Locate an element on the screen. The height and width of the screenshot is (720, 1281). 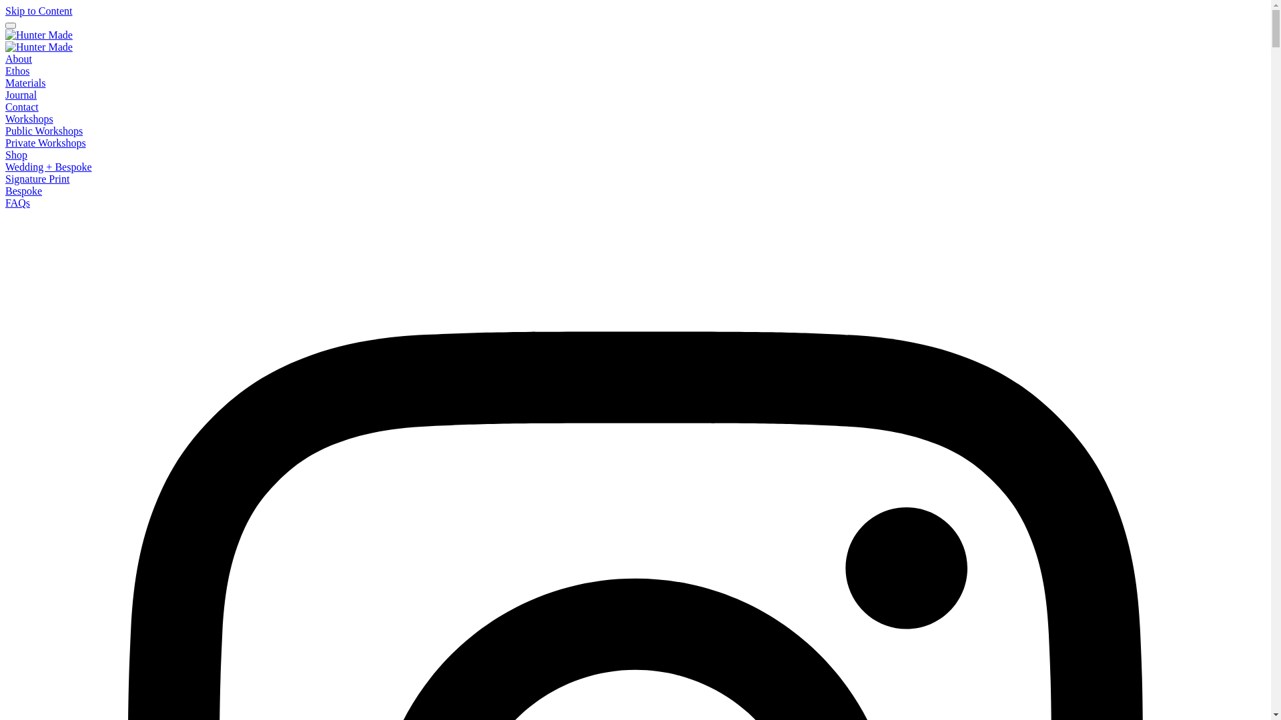
'About' is located at coordinates (19, 58).